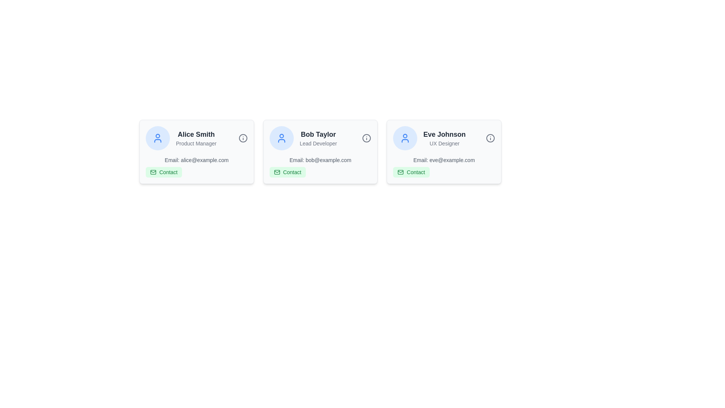 Image resolution: width=725 pixels, height=408 pixels. What do you see at coordinates (405, 136) in the screenshot?
I see `the SVG circle element that represents the head within a user icon, located in the top left corner of a user information card` at bounding box center [405, 136].